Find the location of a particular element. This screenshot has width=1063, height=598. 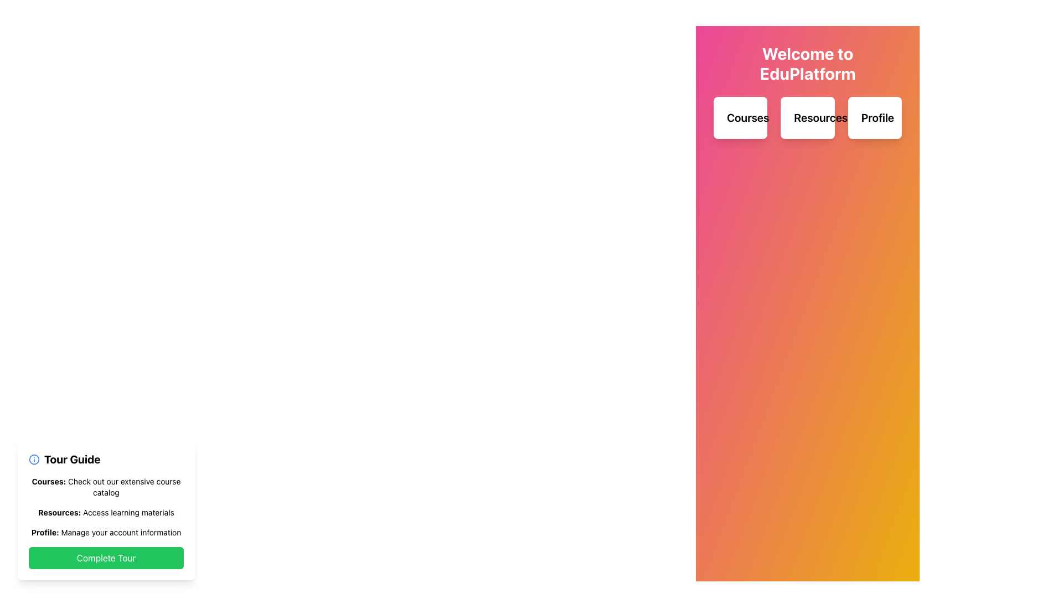

the 'Profile' button, which is a white box with rounded corners and the text 'Profile' in bold black font, positioned as the third element in a horizontal row beneath the heading 'Welcome to EduPlatform' is located at coordinates (874, 117).